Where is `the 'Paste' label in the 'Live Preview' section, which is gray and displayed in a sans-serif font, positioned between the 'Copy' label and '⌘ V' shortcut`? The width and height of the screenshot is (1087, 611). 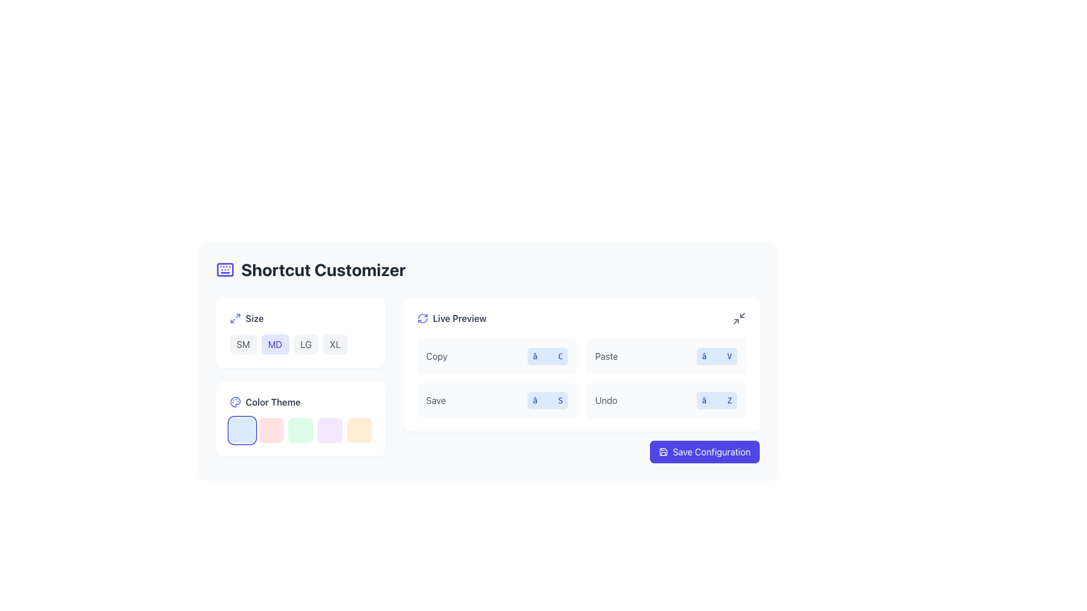
the 'Paste' label in the 'Live Preview' section, which is gray and displayed in a sans-serif font, positioned between the 'Copy' label and '⌘ V' shortcut is located at coordinates (606, 355).